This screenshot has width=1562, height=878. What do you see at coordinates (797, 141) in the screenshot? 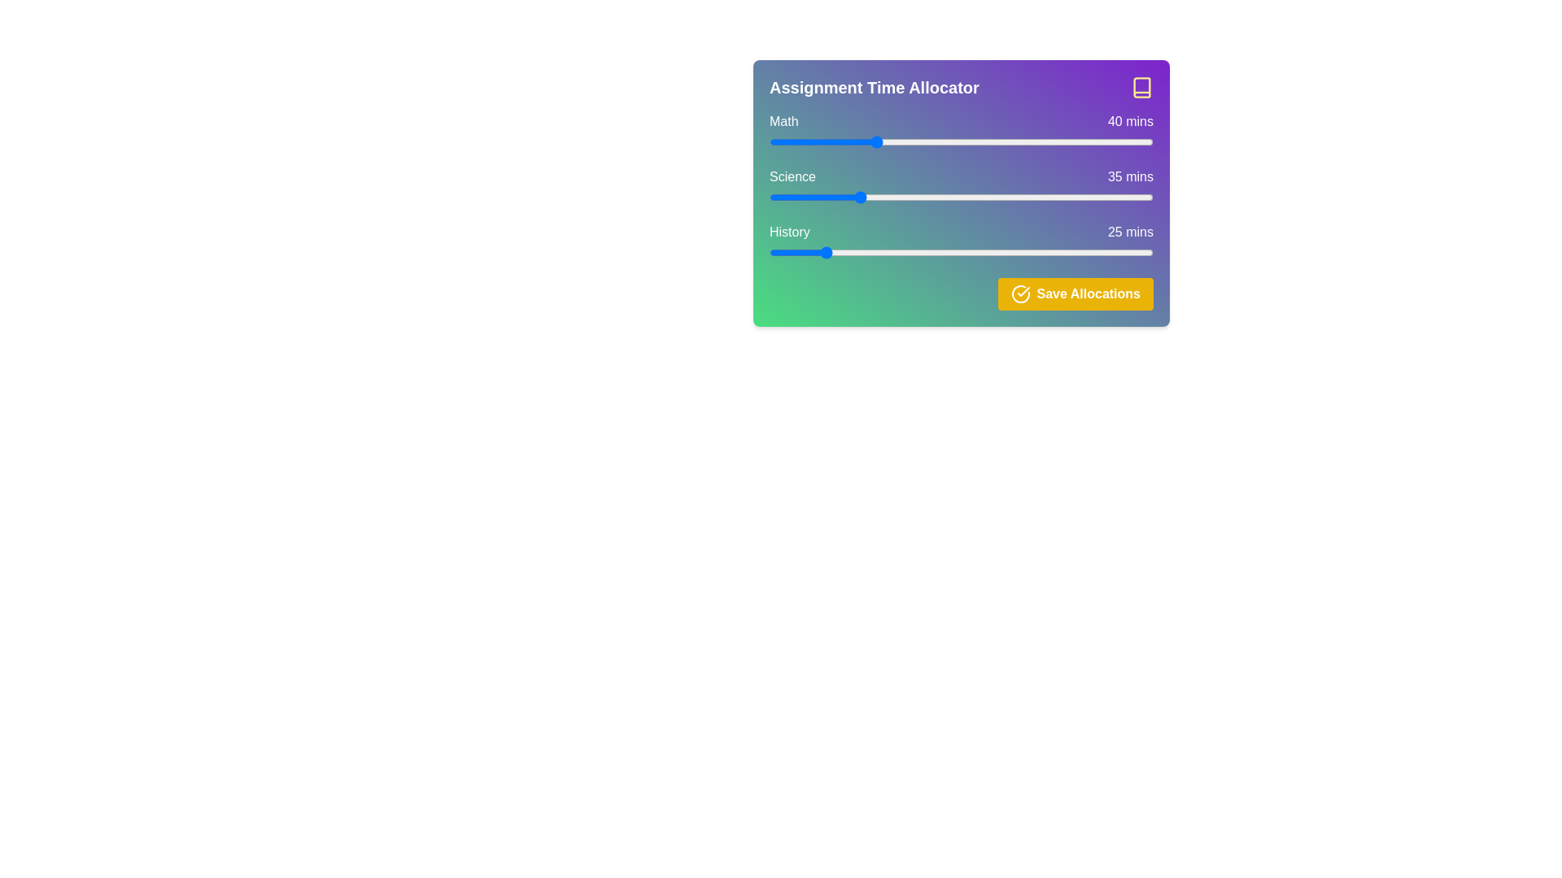
I see `the slider for 'Math'` at bounding box center [797, 141].